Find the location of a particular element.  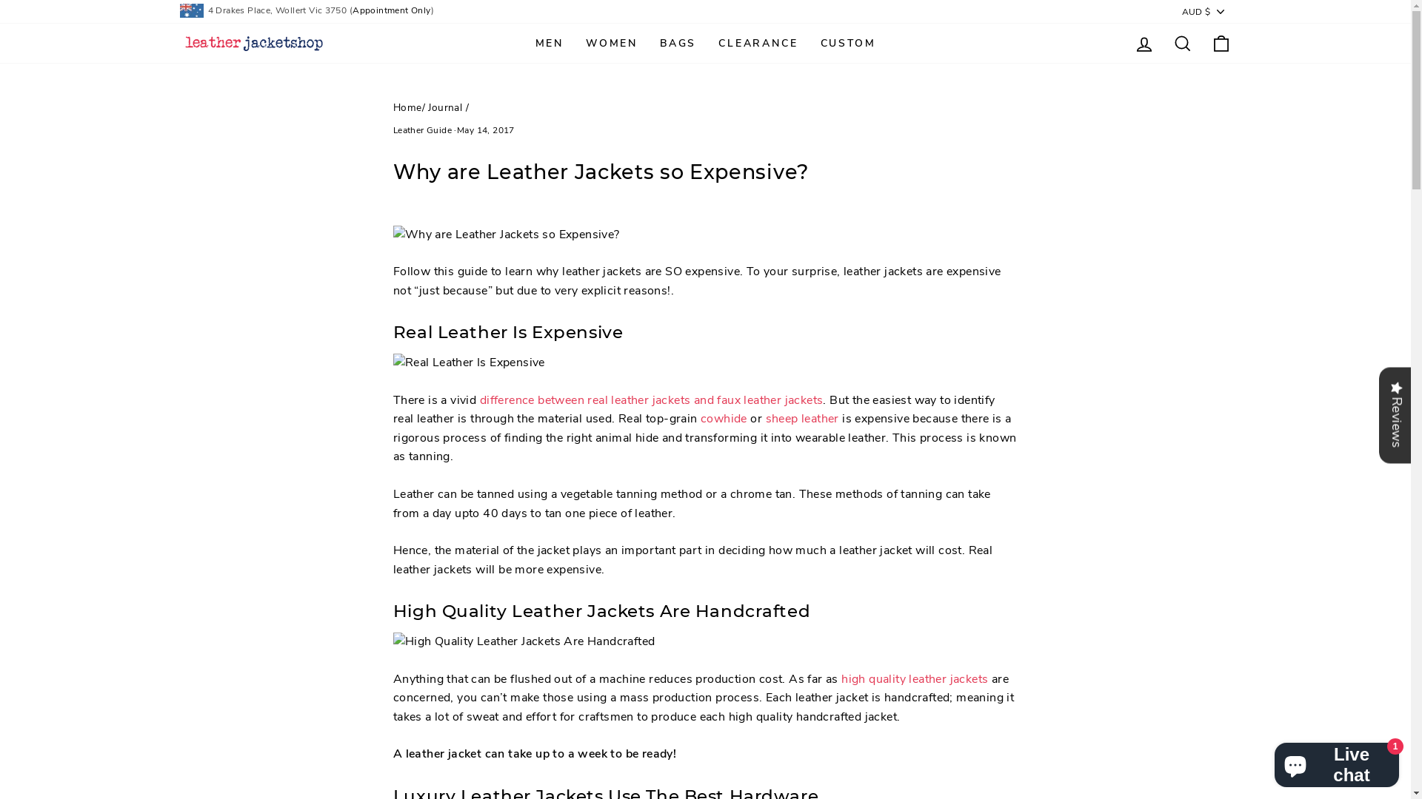

'high quality leather jackets' is located at coordinates (841, 679).